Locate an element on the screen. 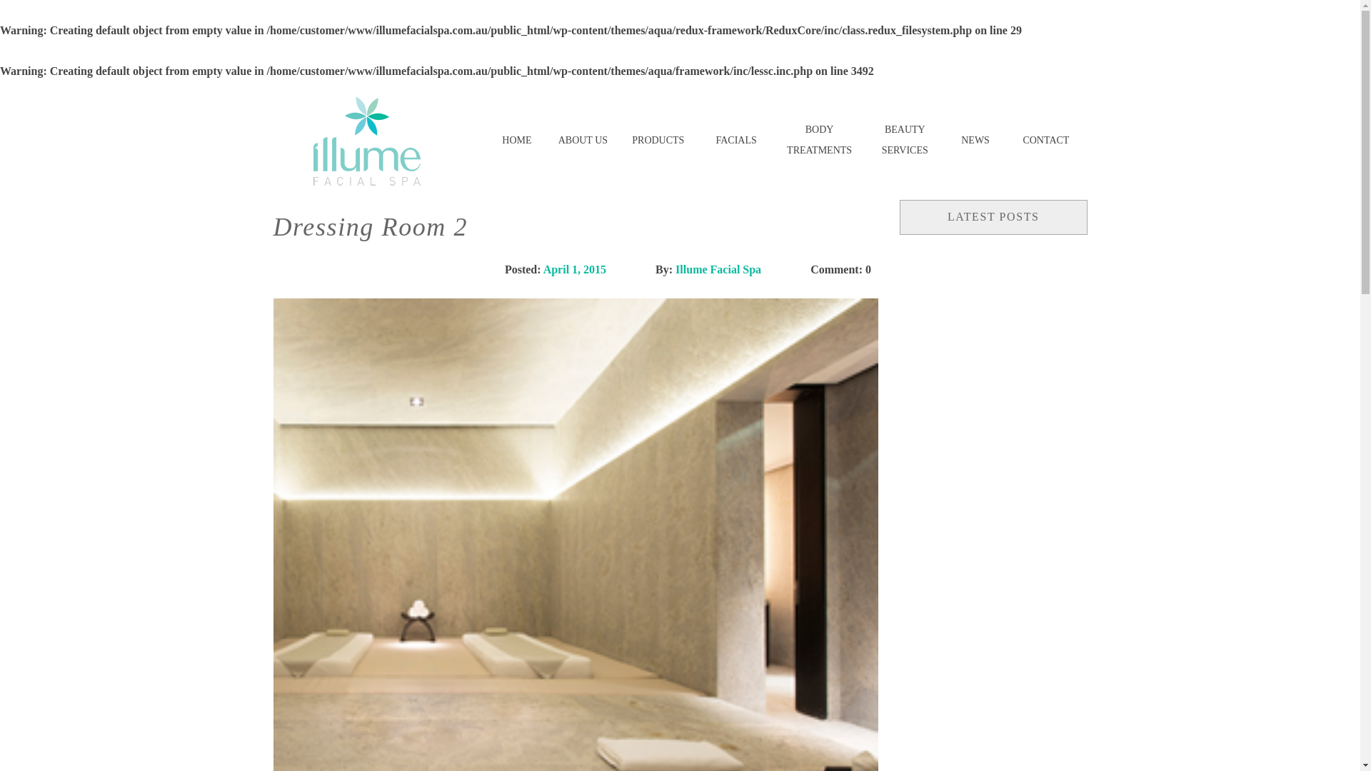 Image resolution: width=1371 pixels, height=771 pixels. 'HOME' is located at coordinates (516, 141).